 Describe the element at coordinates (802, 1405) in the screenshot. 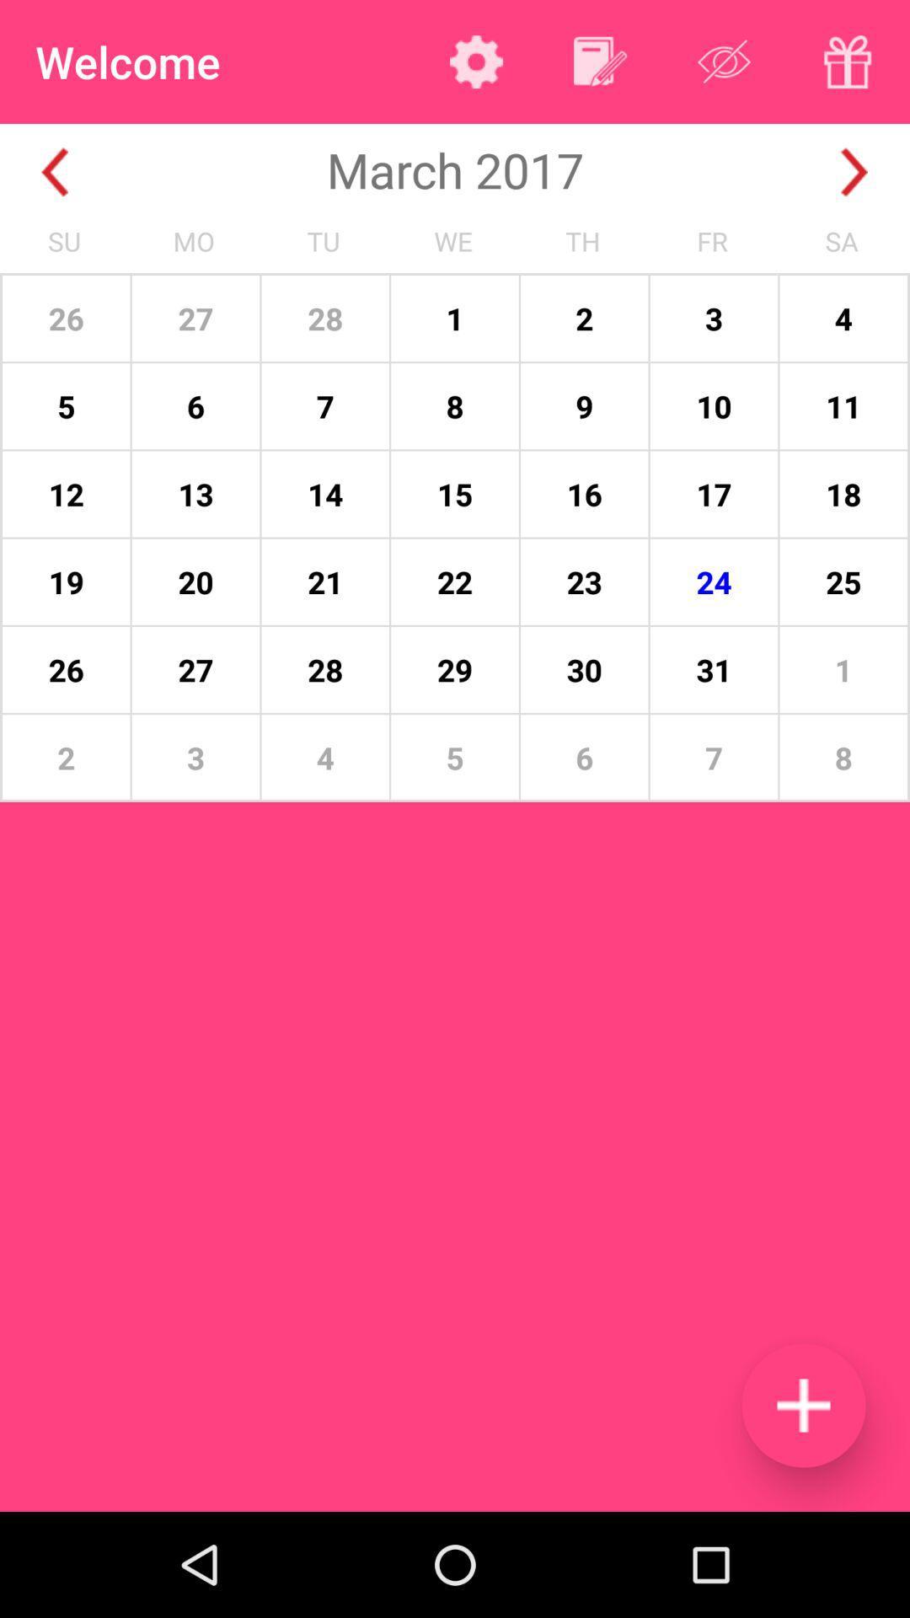

I see `calendar event` at that location.